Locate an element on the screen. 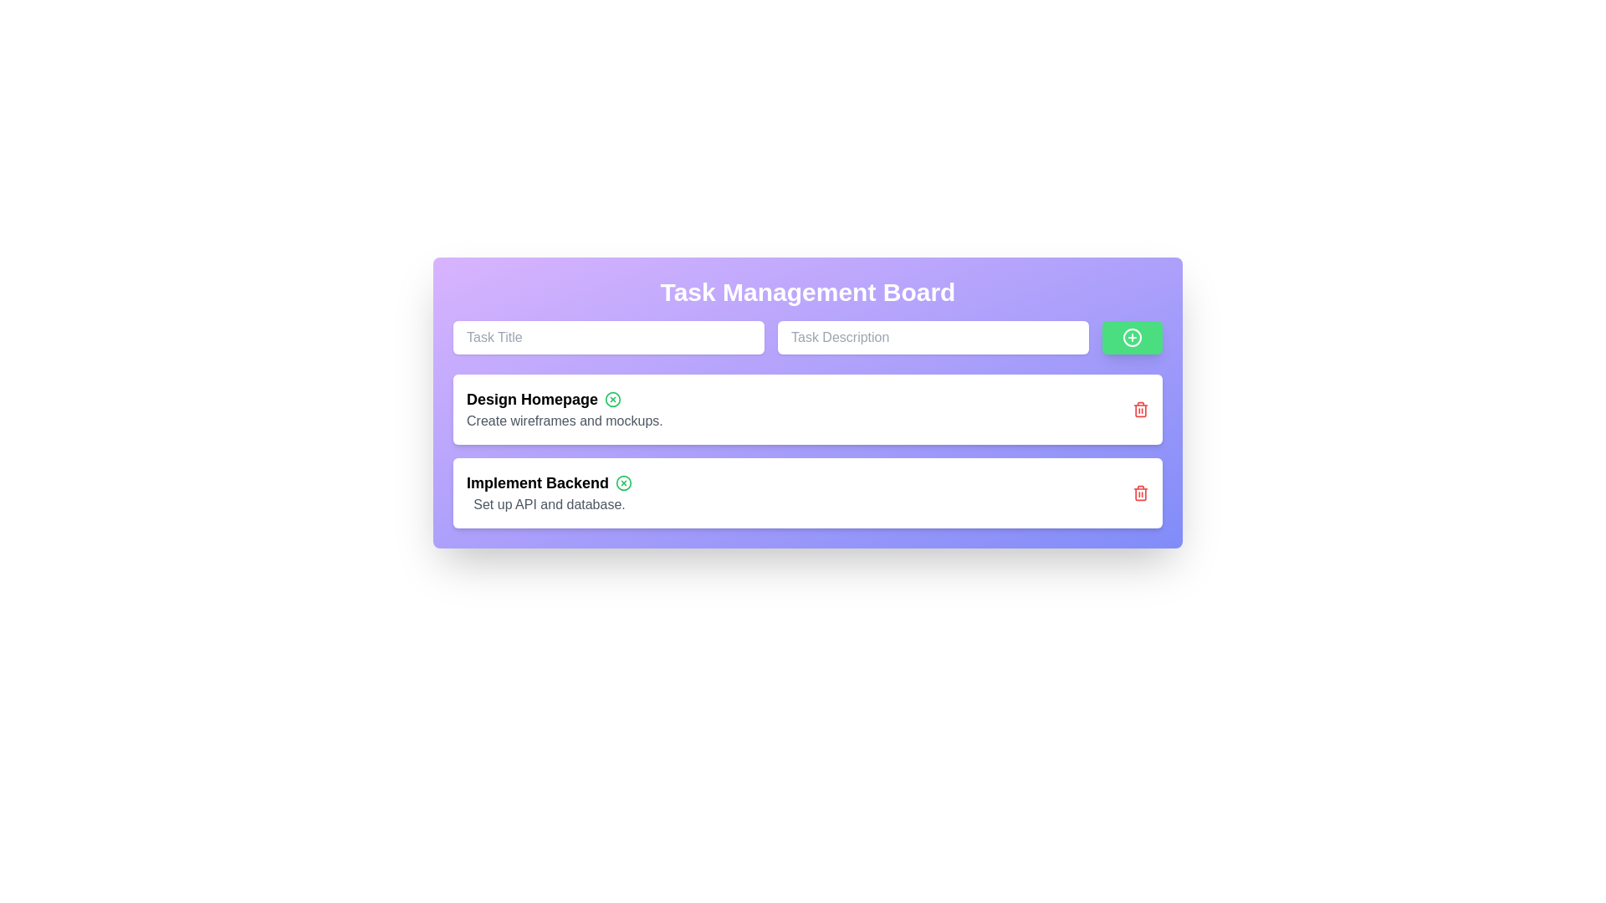 This screenshot has width=1606, height=903. the circular boundary of the 'circle-plus' icon within the vibrant green button located at the top-right corner of the UI board is located at coordinates (1132, 338).